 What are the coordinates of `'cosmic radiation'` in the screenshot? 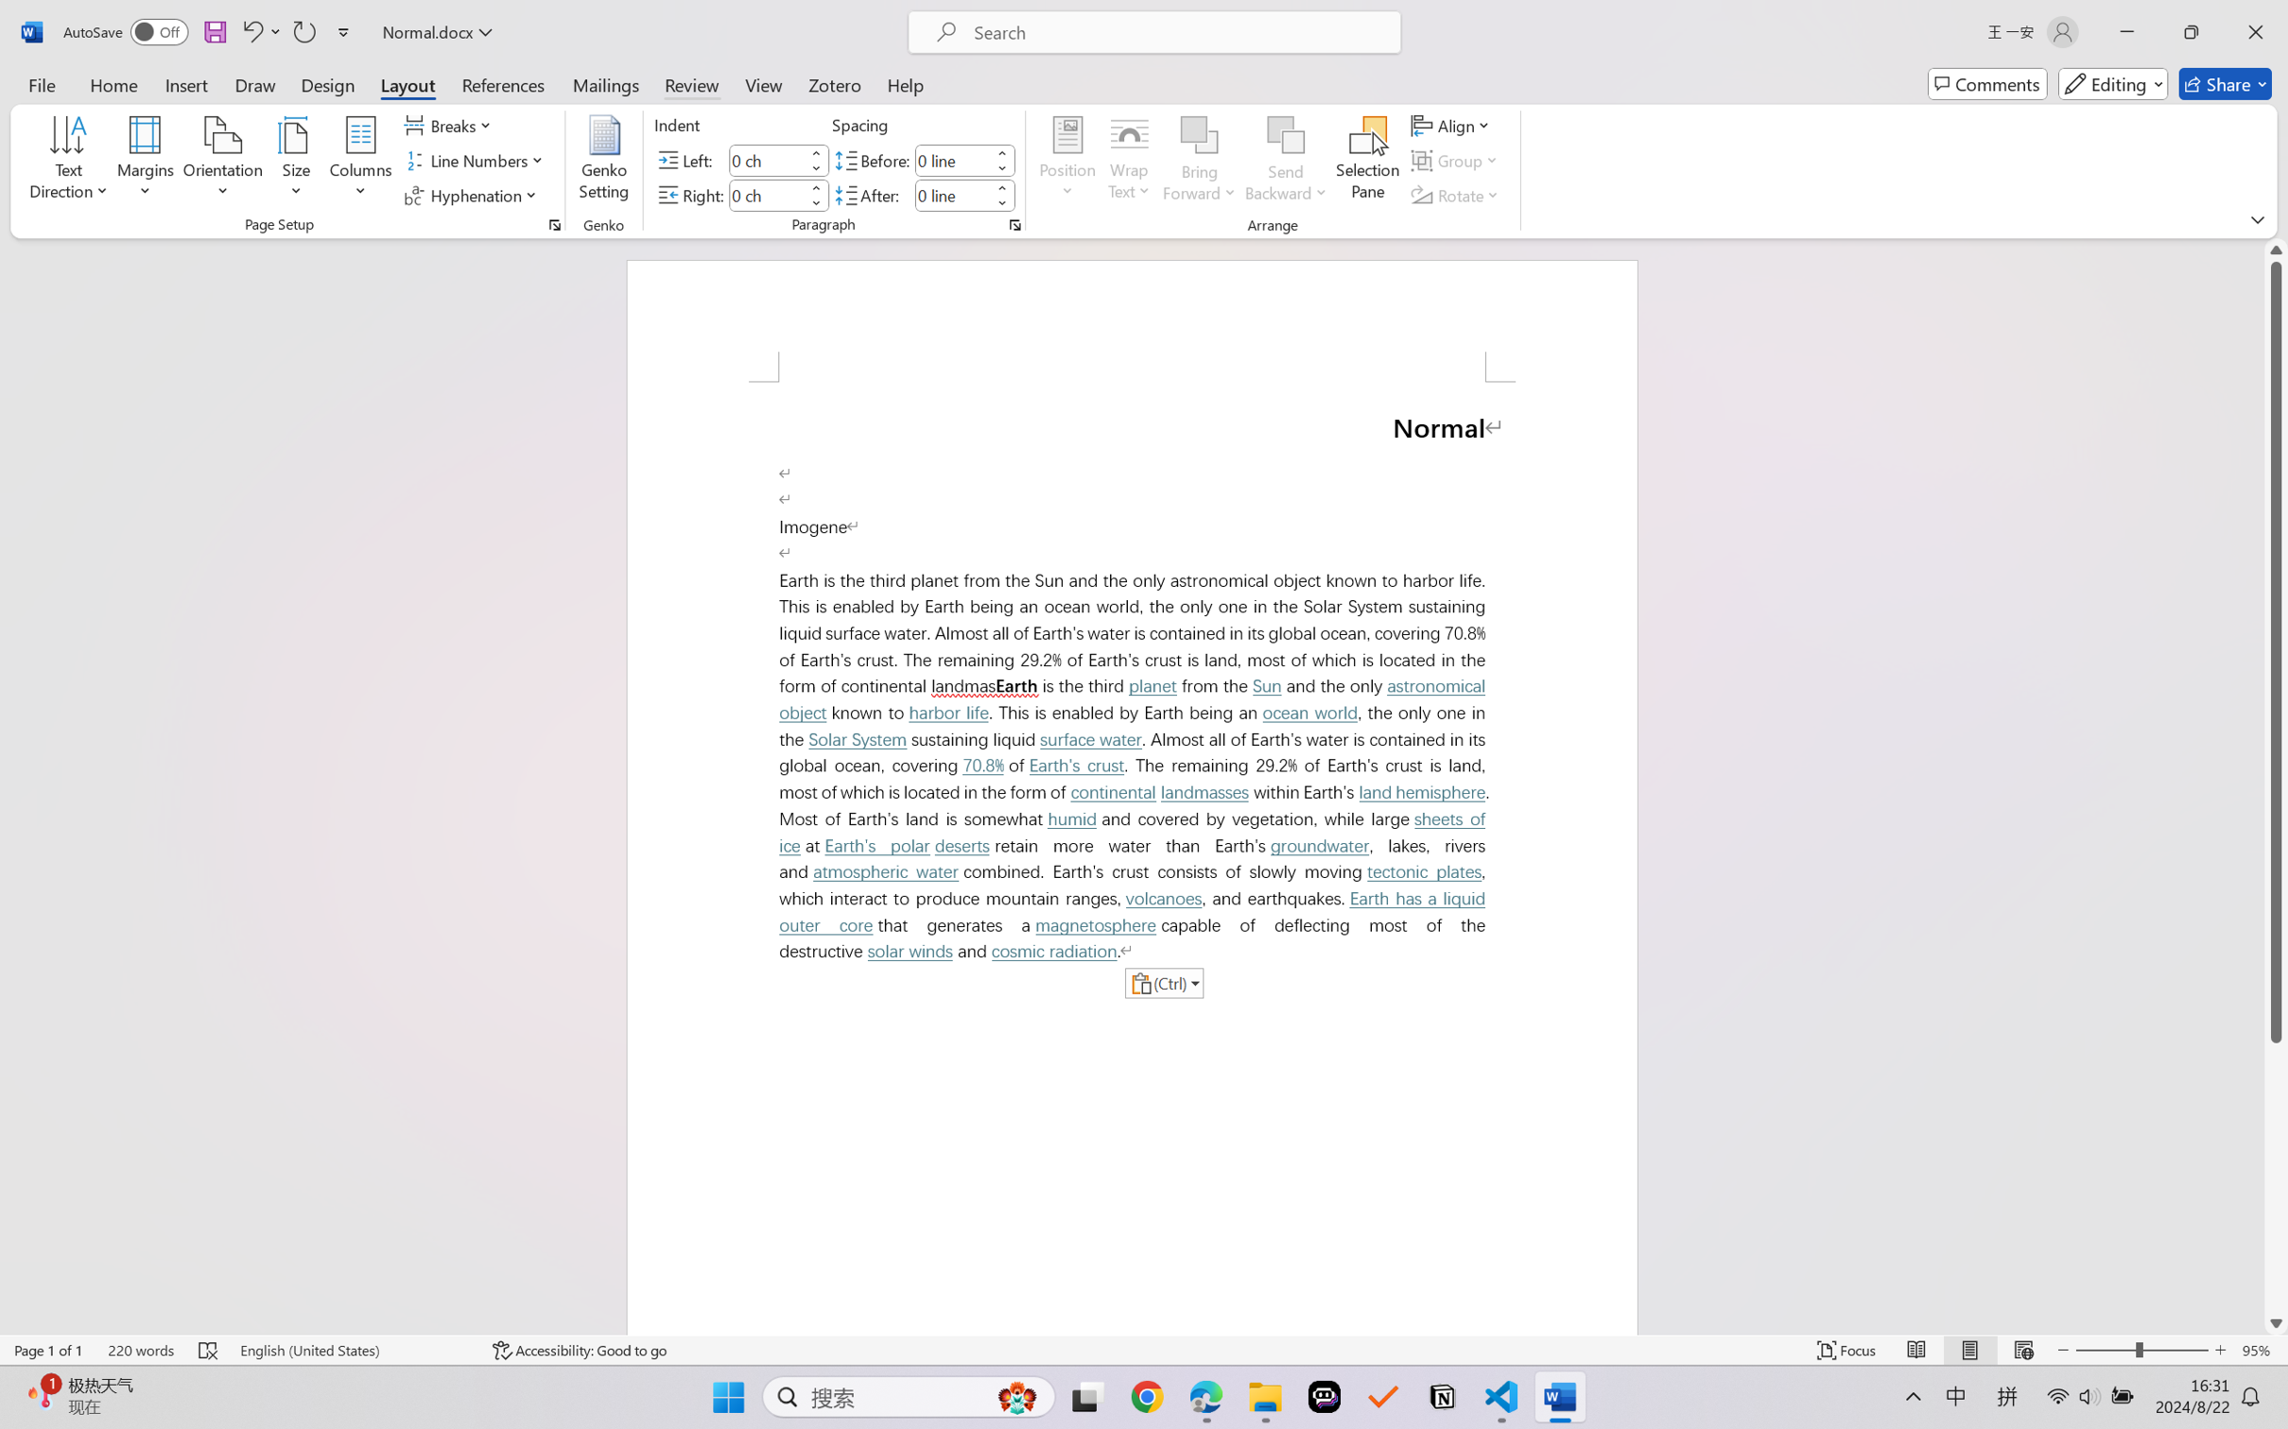 It's located at (1054, 951).